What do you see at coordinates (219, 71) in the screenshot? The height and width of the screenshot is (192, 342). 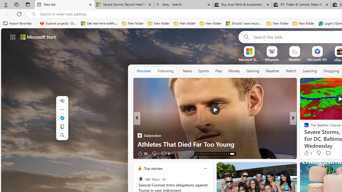 I see `'Play'` at bounding box center [219, 71].